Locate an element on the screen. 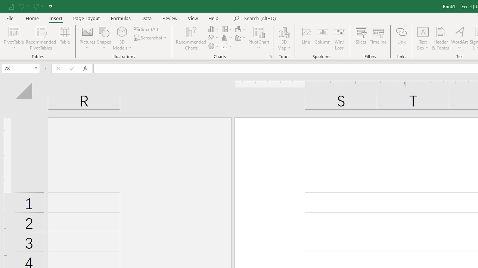  'PivotTable' is located at coordinates (14, 31).